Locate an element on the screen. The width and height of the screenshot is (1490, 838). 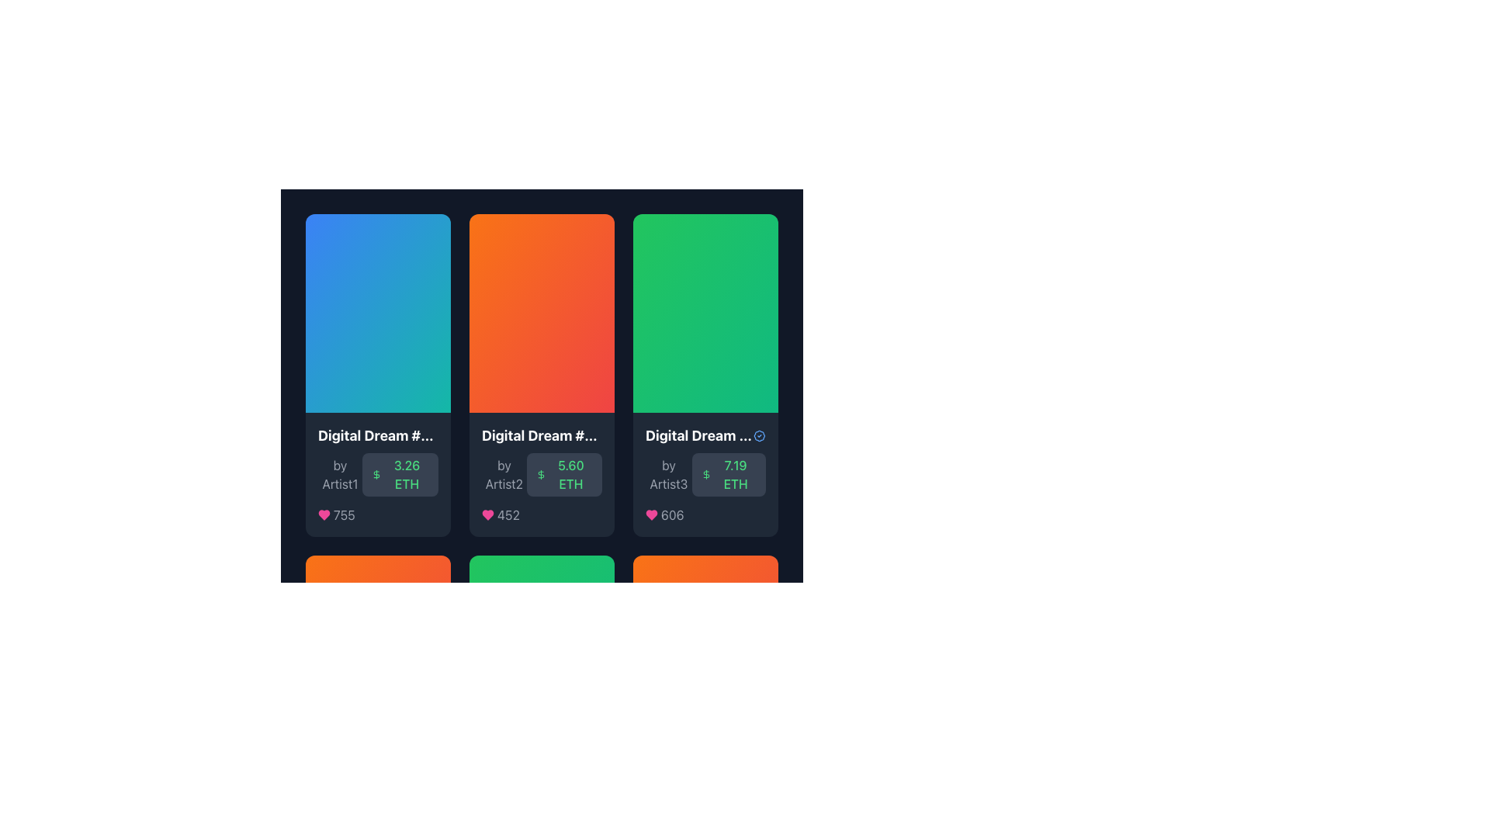
the informational card titled 'Digital Dream #8983' that contains details about a digital asset, including the price in ETH and interaction elements like a heart icon is located at coordinates (378, 474).